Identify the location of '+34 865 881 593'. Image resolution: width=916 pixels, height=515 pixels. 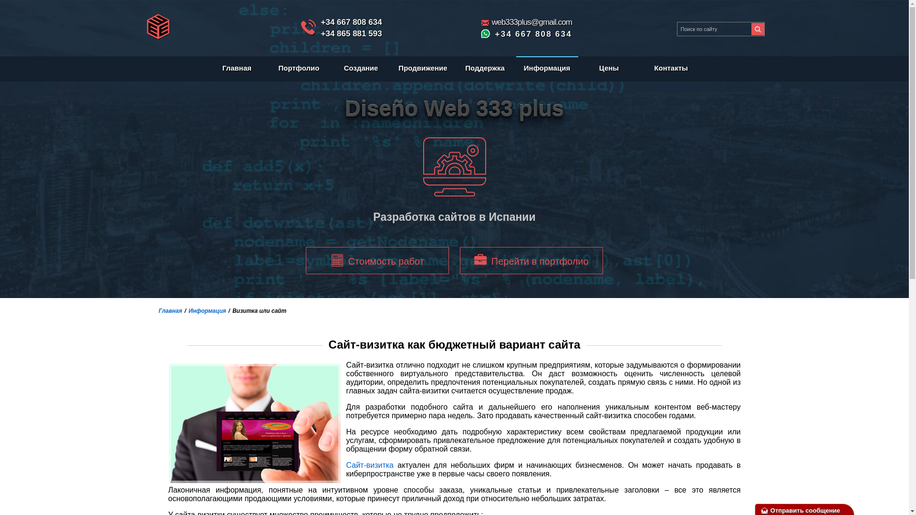
(350, 33).